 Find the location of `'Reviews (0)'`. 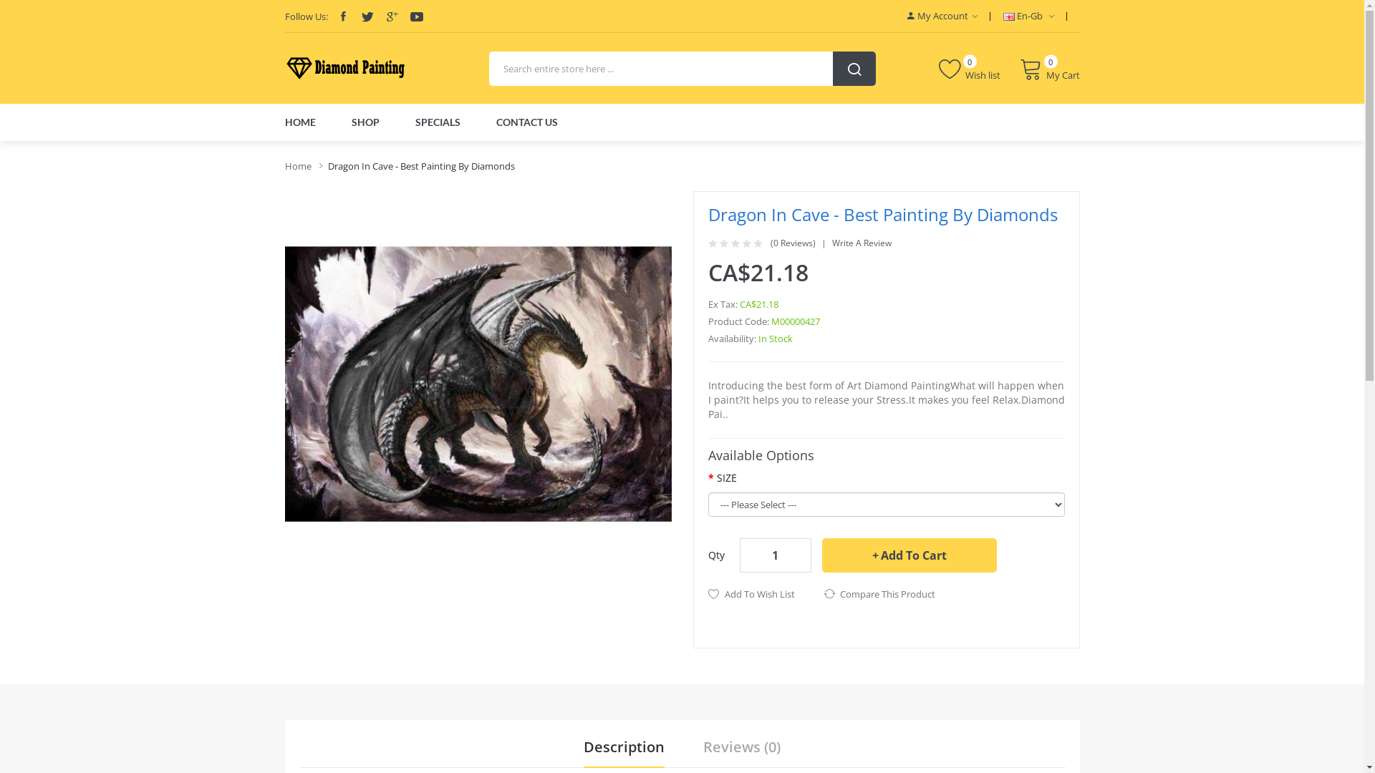

'Reviews (0)' is located at coordinates (703, 747).